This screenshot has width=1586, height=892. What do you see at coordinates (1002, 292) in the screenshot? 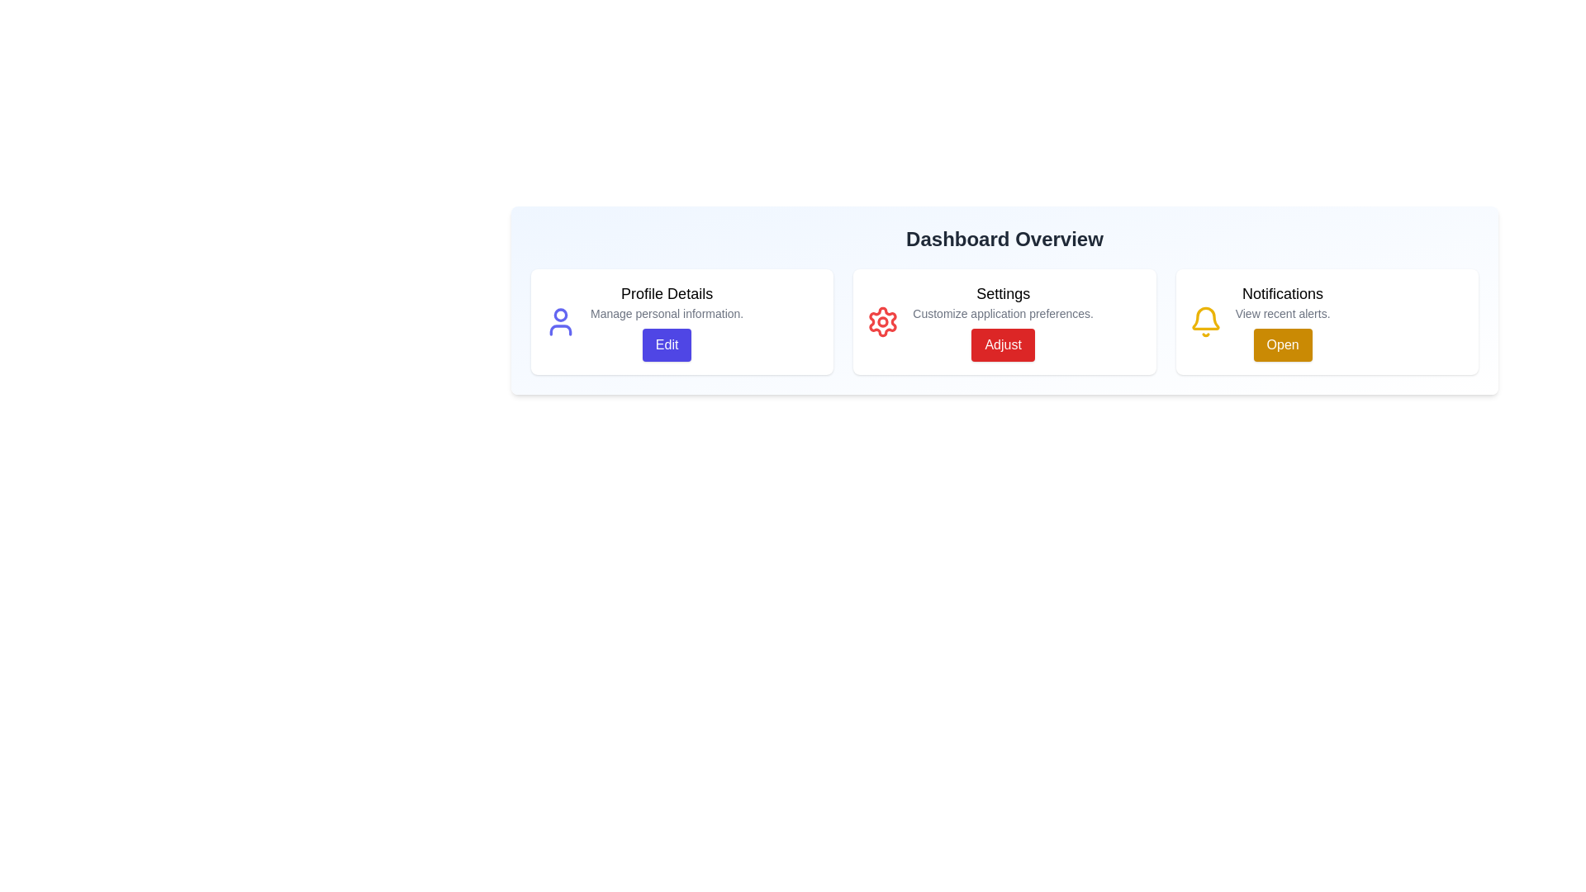
I see `the text label that serves as the title for the settings-related card, located at the top of the middle card in a three-card layout` at bounding box center [1002, 292].